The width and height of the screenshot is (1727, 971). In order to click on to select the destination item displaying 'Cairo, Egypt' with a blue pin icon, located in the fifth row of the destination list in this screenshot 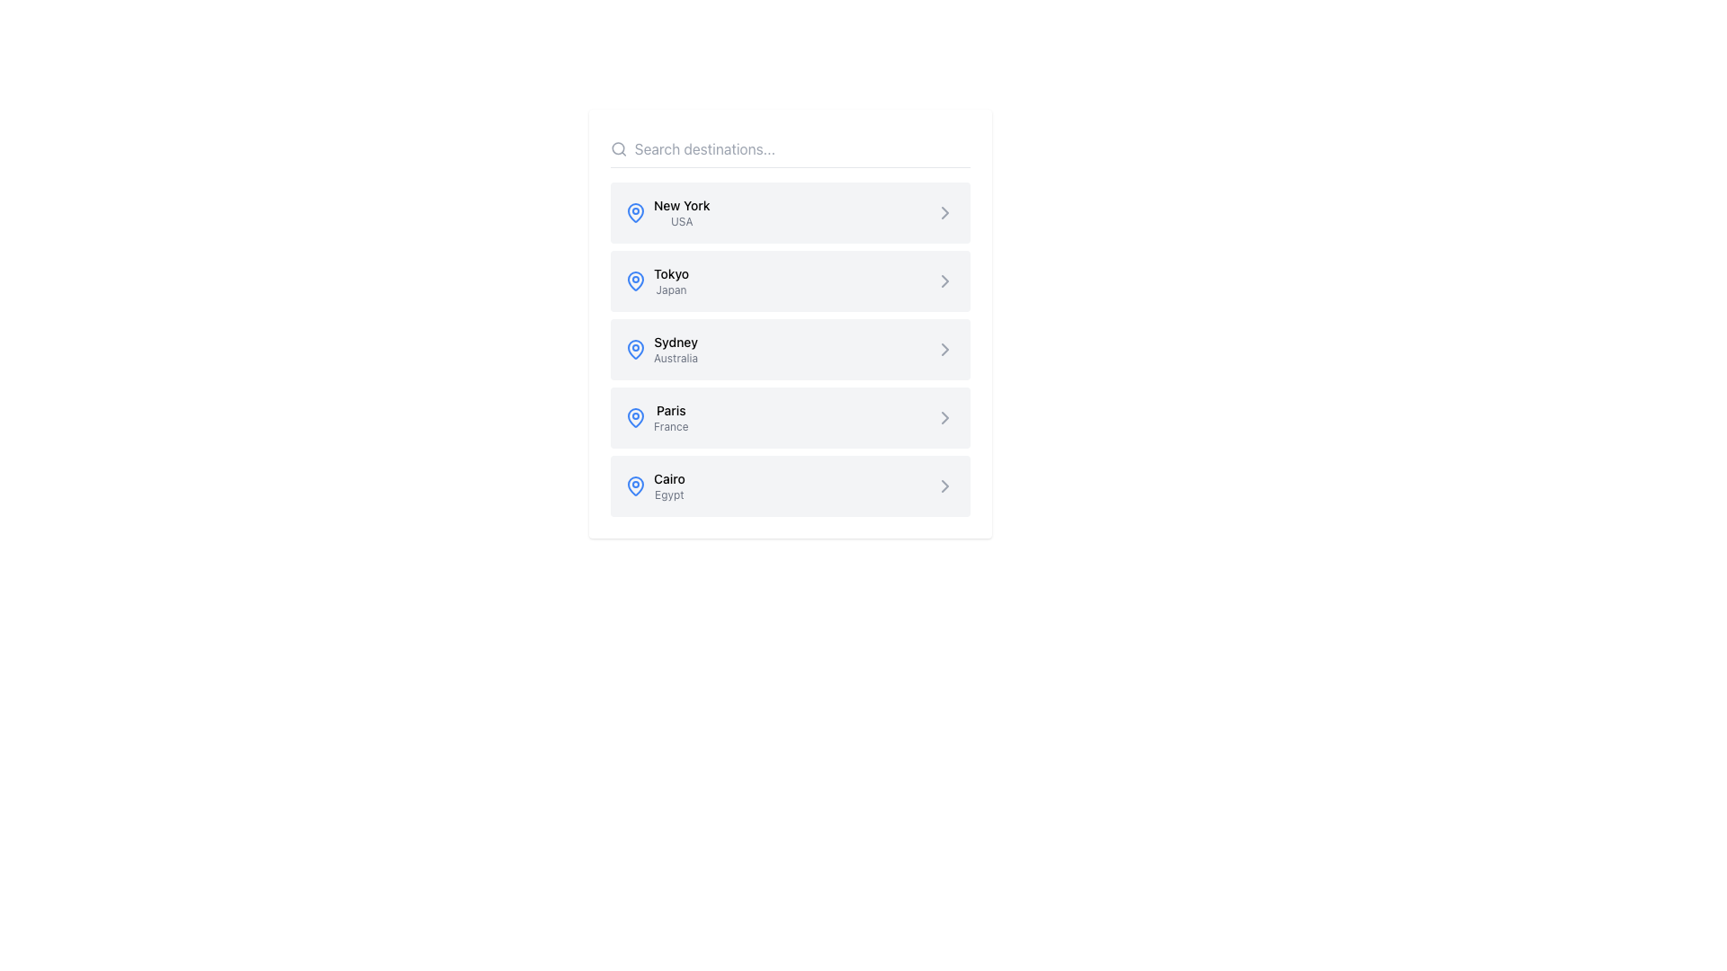, I will do `click(654, 485)`.